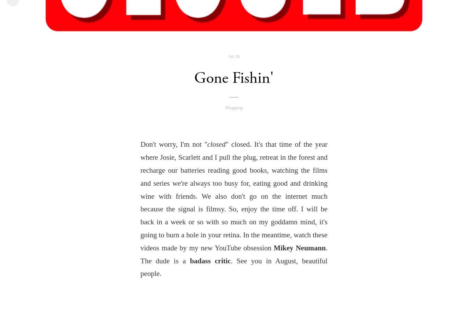 Image resolution: width=468 pixels, height=329 pixels. Describe the element at coordinates (233, 107) in the screenshot. I see `'Blogging'` at that location.